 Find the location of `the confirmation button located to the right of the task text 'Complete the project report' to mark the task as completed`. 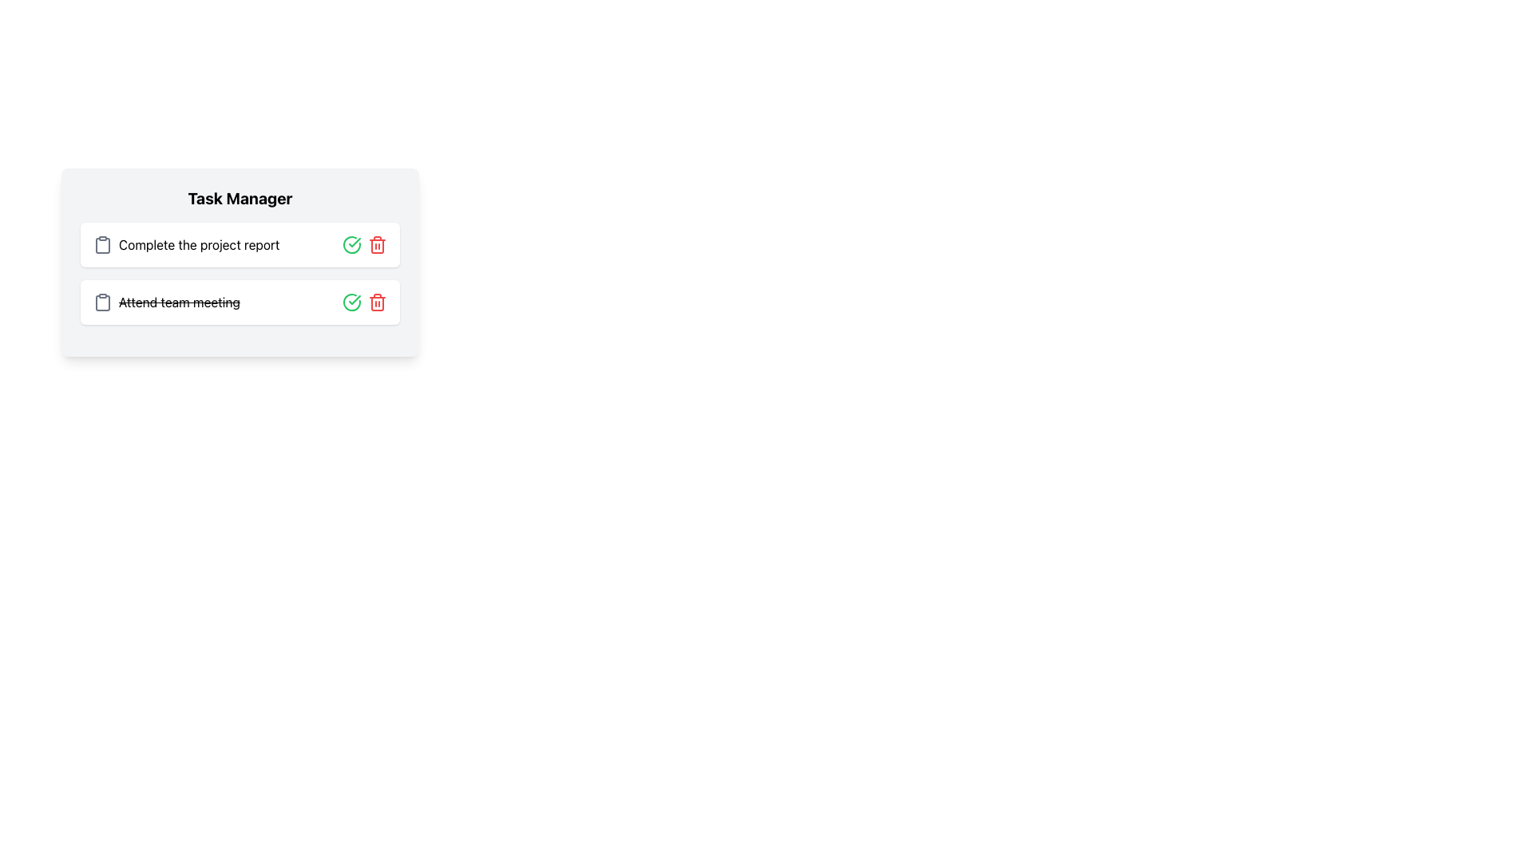

the confirmation button located to the right of the task text 'Complete the project report' to mark the task as completed is located at coordinates (351, 245).